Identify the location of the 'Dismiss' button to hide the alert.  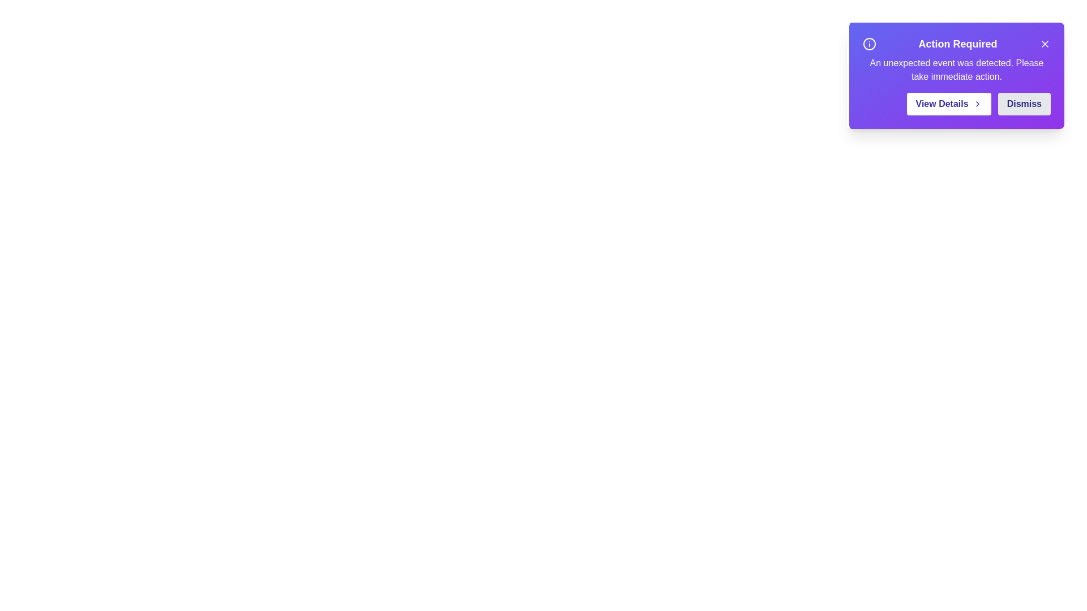
(1024, 104).